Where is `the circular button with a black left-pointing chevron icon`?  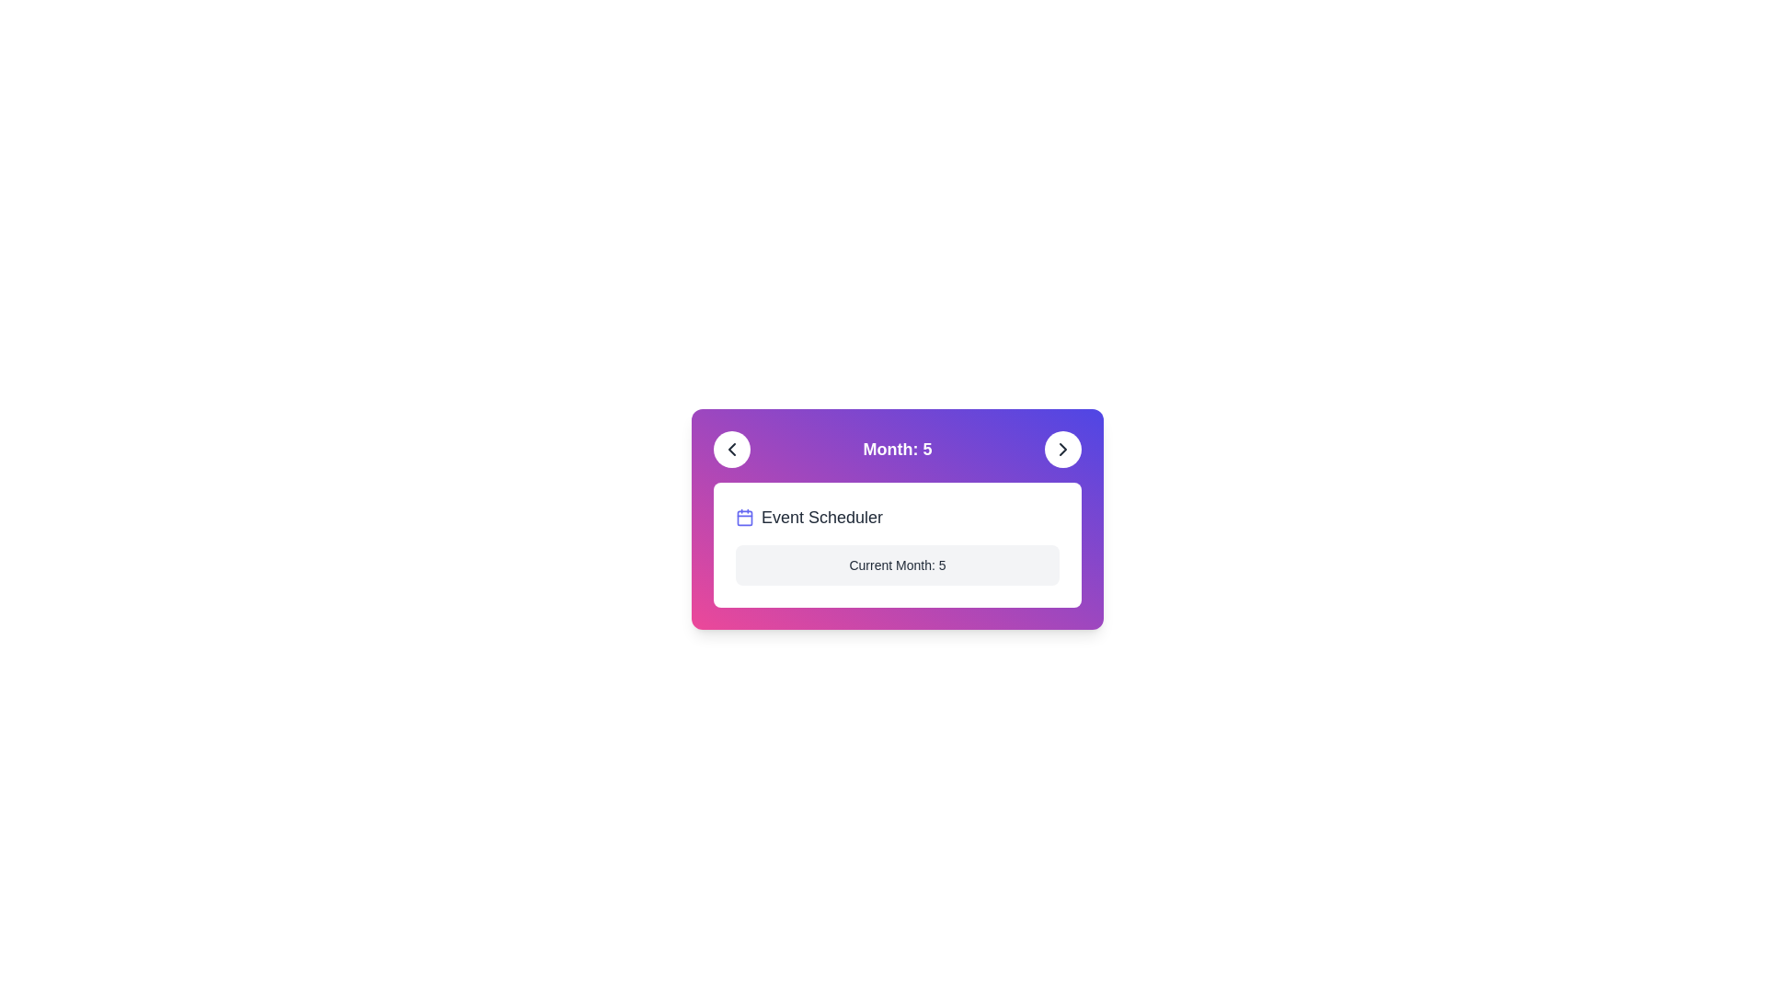 the circular button with a black left-pointing chevron icon is located at coordinates (731, 450).